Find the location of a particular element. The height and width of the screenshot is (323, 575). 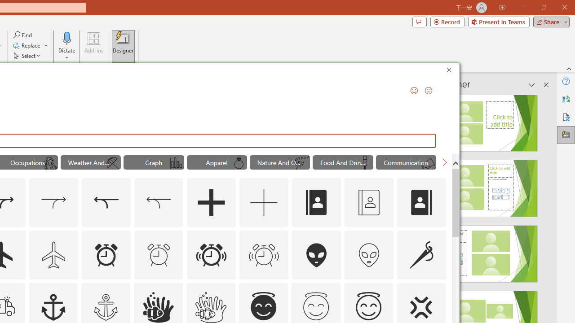

'"Communication" Icons.' is located at coordinates (406, 162).